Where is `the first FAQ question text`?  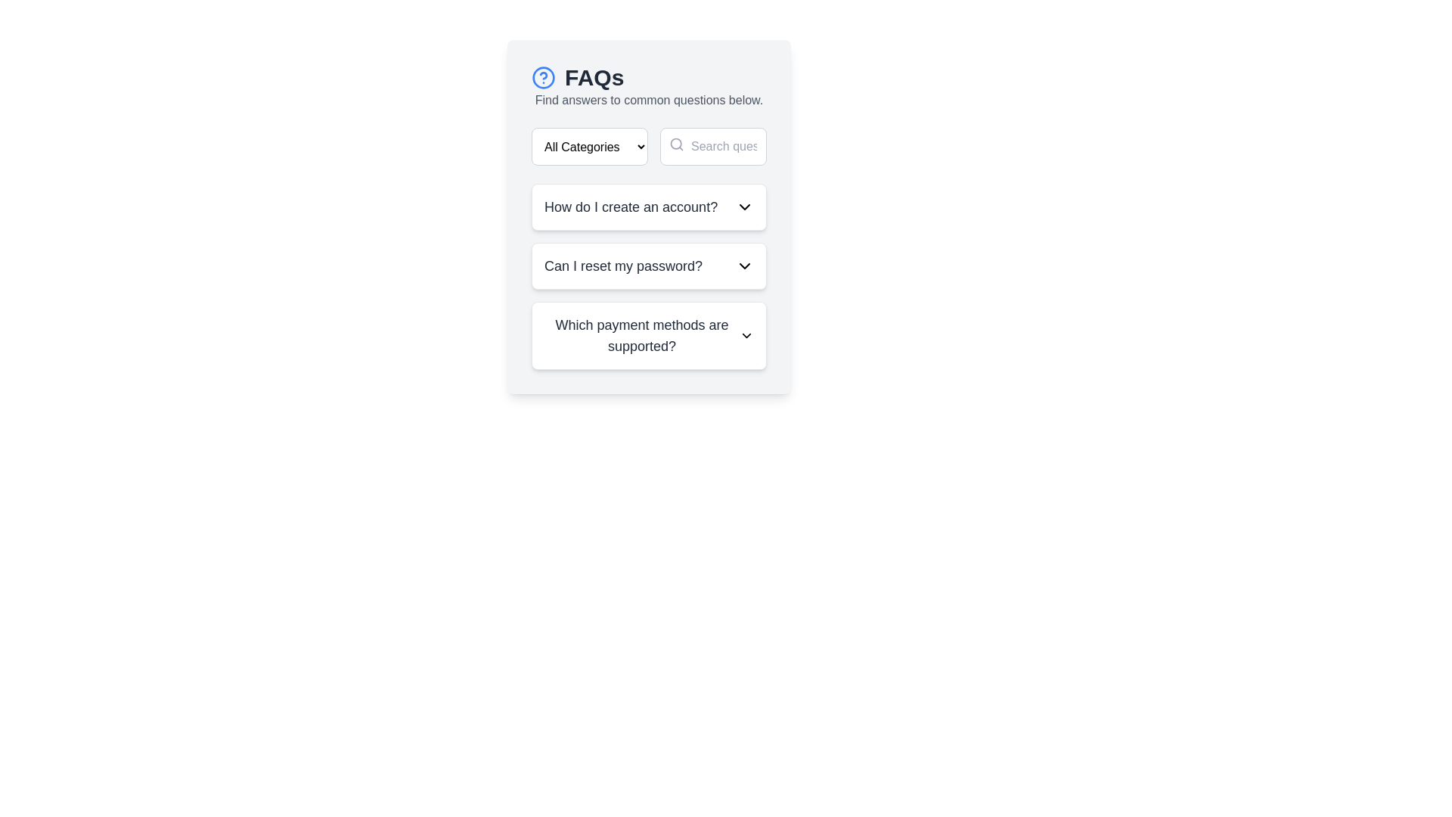 the first FAQ question text is located at coordinates (631, 207).